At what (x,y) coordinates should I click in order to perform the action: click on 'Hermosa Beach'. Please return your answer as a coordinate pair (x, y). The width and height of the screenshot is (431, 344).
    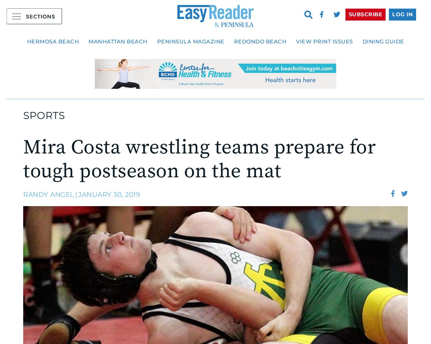
    Looking at the image, I should click on (52, 41).